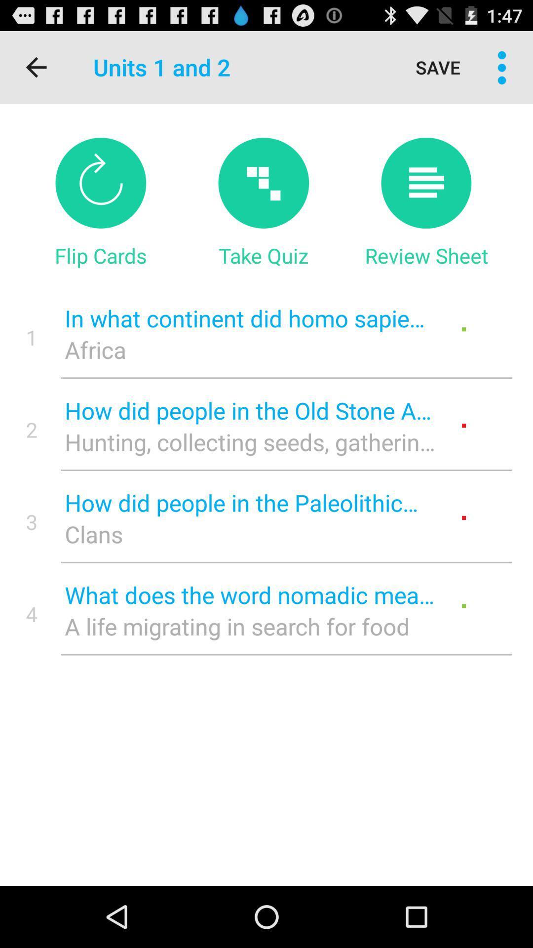  What do you see at coordinates (263, 183) in the screenshot?
I see `take quiz` at bounding box center [263, 183].